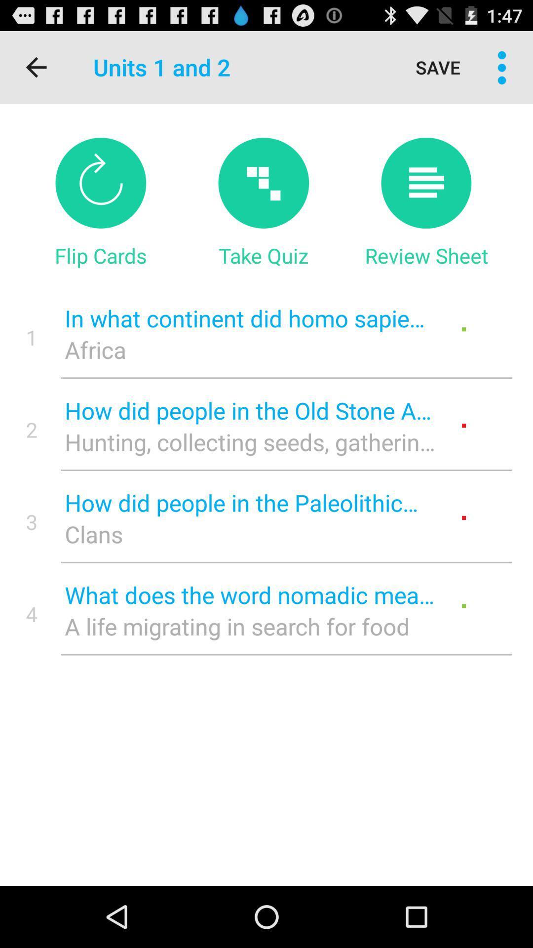  What do you see at coordinates (263, 183) in the screenshot?
I see `take quiz` at bounding box center [263, 183].